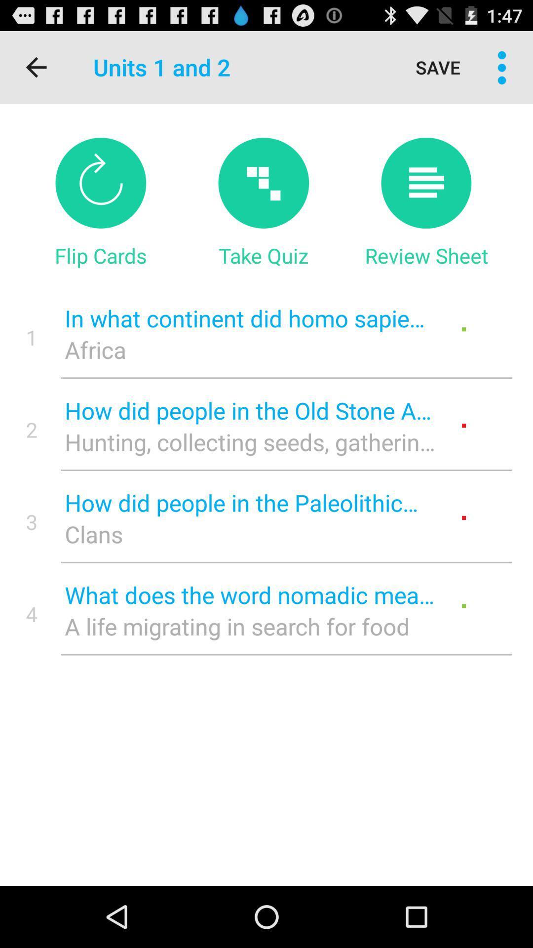  What do you see at coordinates (263, 183) in the screenshot?
I see `take quiz` at bounding box center [263, 183].